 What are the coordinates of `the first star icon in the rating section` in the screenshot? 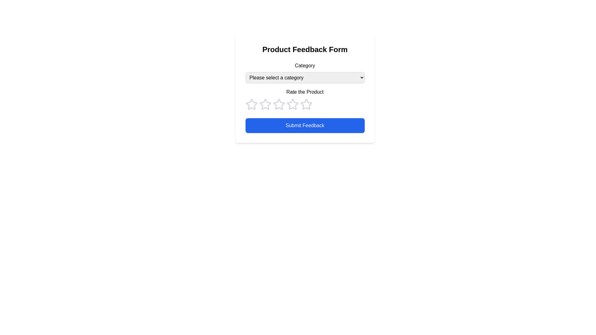 It's located at (251, 104).